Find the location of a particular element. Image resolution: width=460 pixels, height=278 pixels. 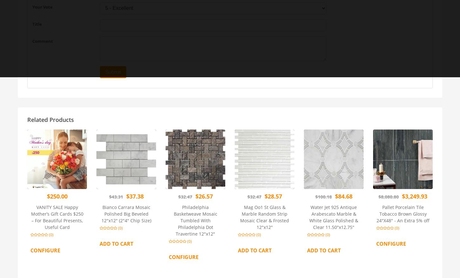

'Related Products' is located at coordinates (50, 119).